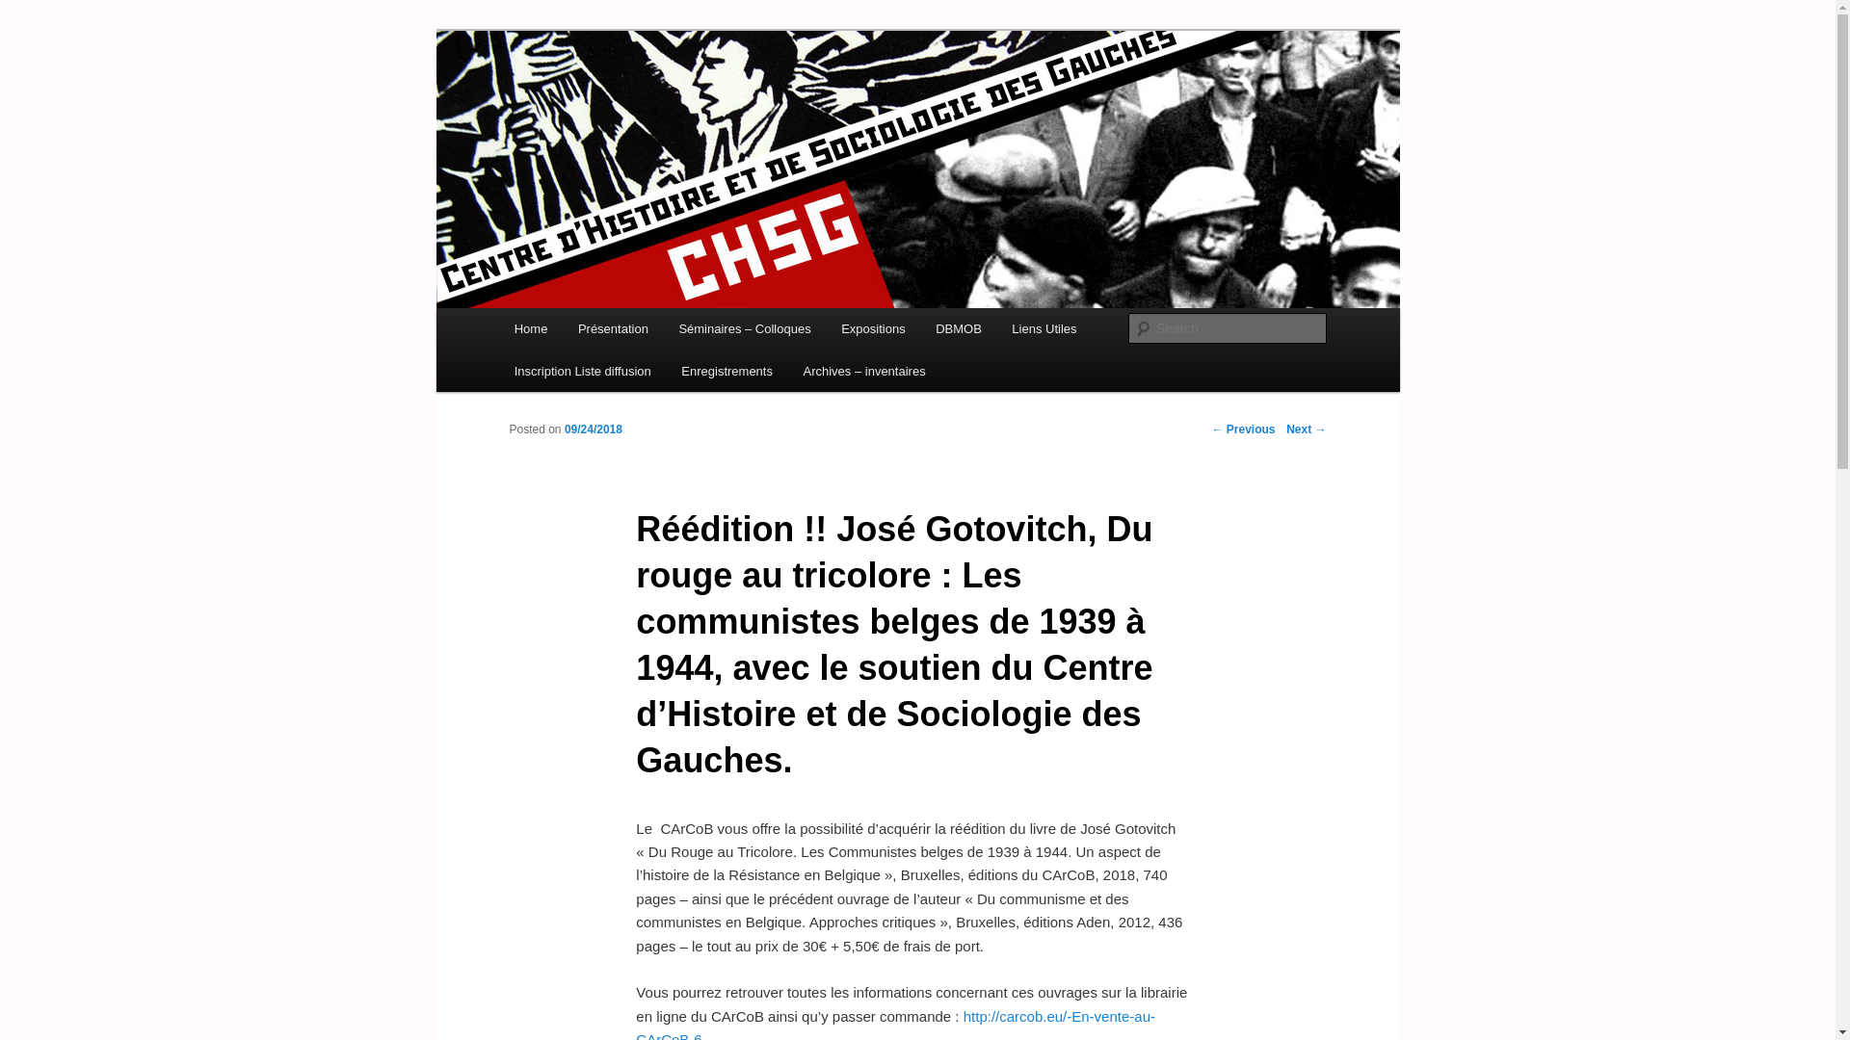  What do you see at coordinates (581, 371) in the screenshot?
I see `'Inscription Liste diffusion'` at bounding box center [581, 371].